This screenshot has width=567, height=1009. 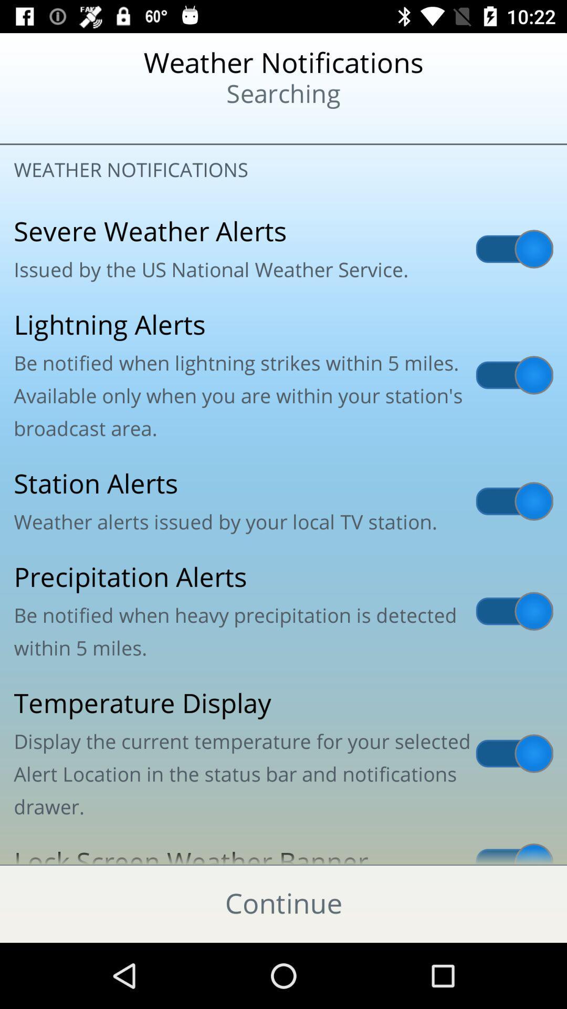 I want to click on the lock screen weather, so click(x=283, y=849).